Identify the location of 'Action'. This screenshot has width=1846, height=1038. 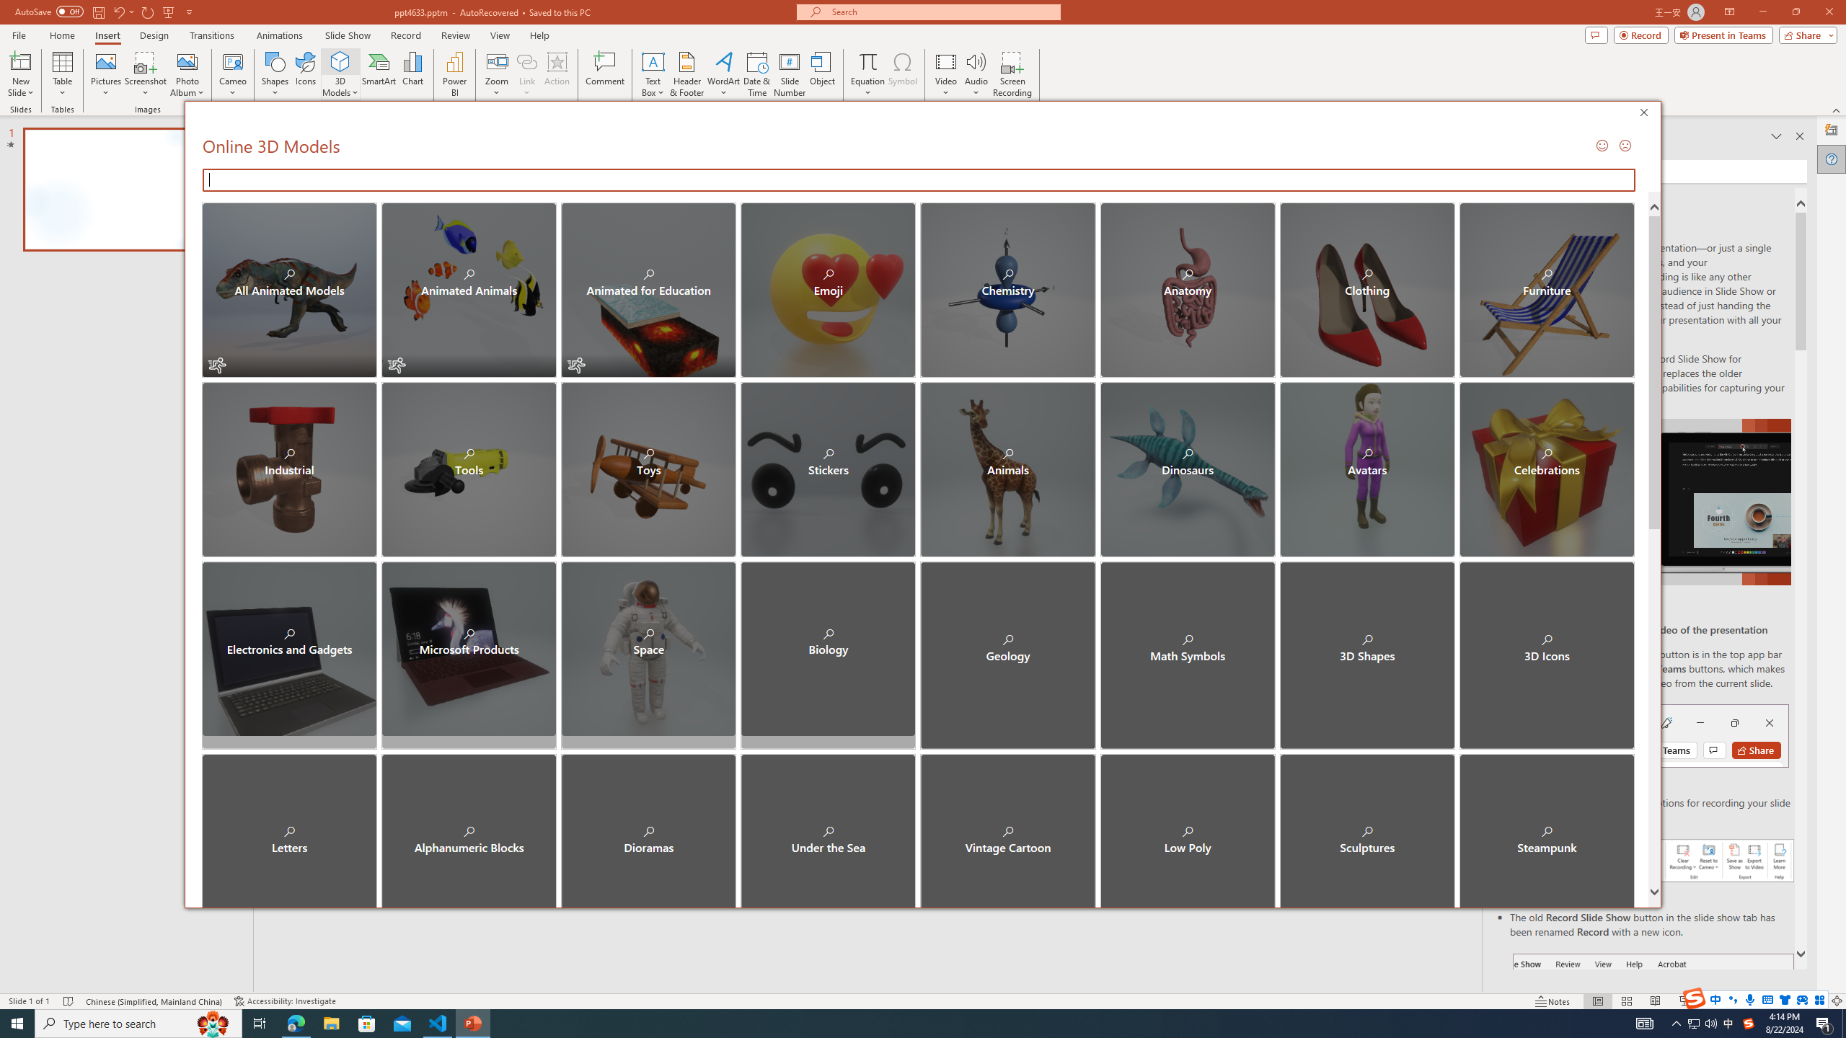
(557, 74).